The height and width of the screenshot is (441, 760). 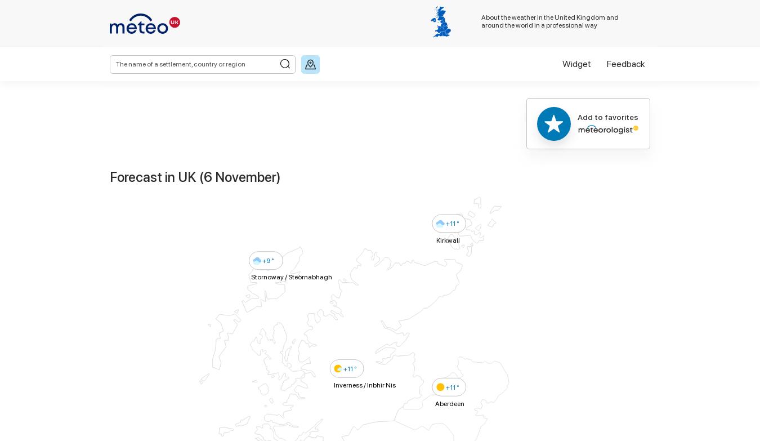 What do you see at coordinates (608, 117) in the screenshot?
I see `'Add to favorites'` at bounding box center [608, 117].